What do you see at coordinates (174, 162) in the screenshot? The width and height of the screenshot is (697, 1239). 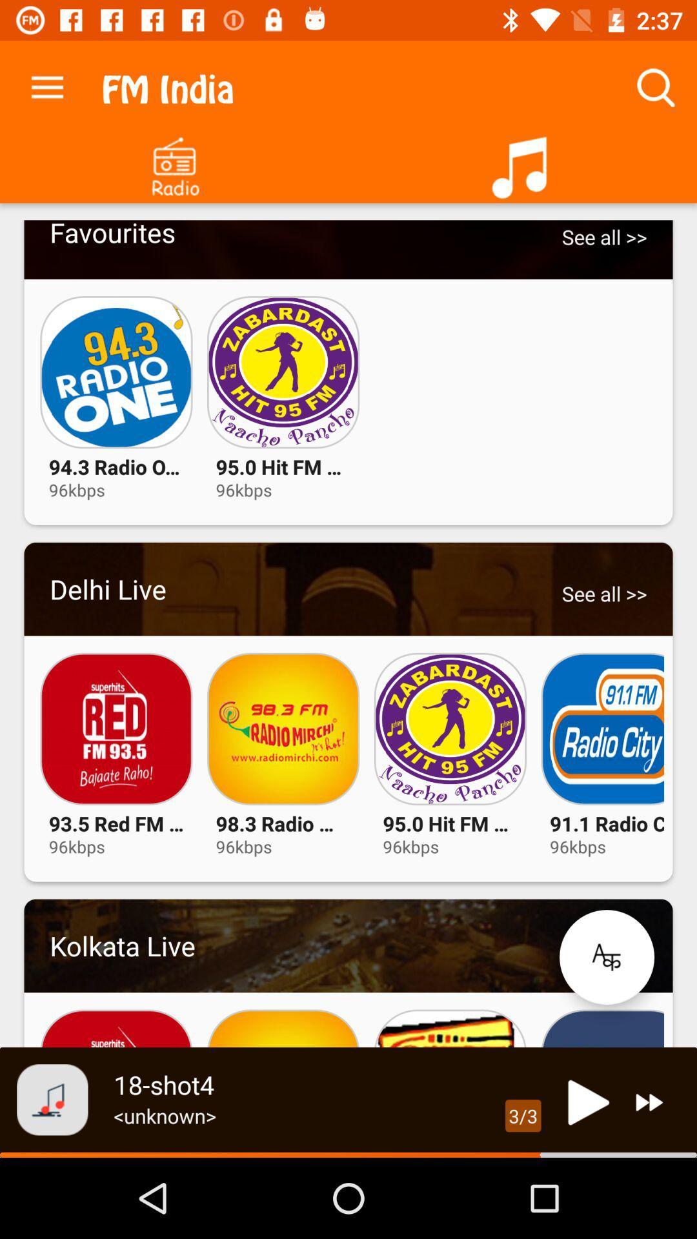 I see `move to radio screen` at bounding box center [174, 162].